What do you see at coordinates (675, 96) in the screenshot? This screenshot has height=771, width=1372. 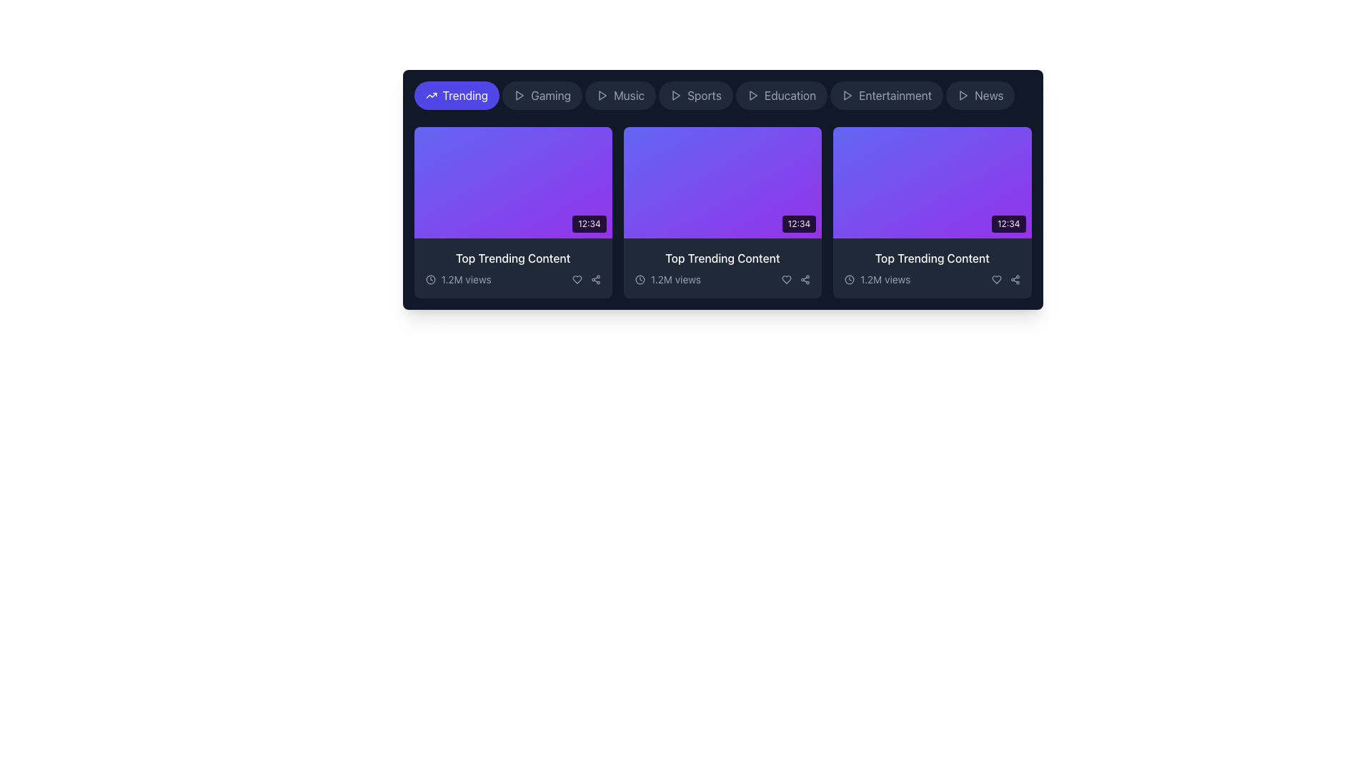 I see `the small play icon, which is a triangle pointing to the right, located in the navigation bar next to the 'Sports' item` at bounding box center [675, 96].